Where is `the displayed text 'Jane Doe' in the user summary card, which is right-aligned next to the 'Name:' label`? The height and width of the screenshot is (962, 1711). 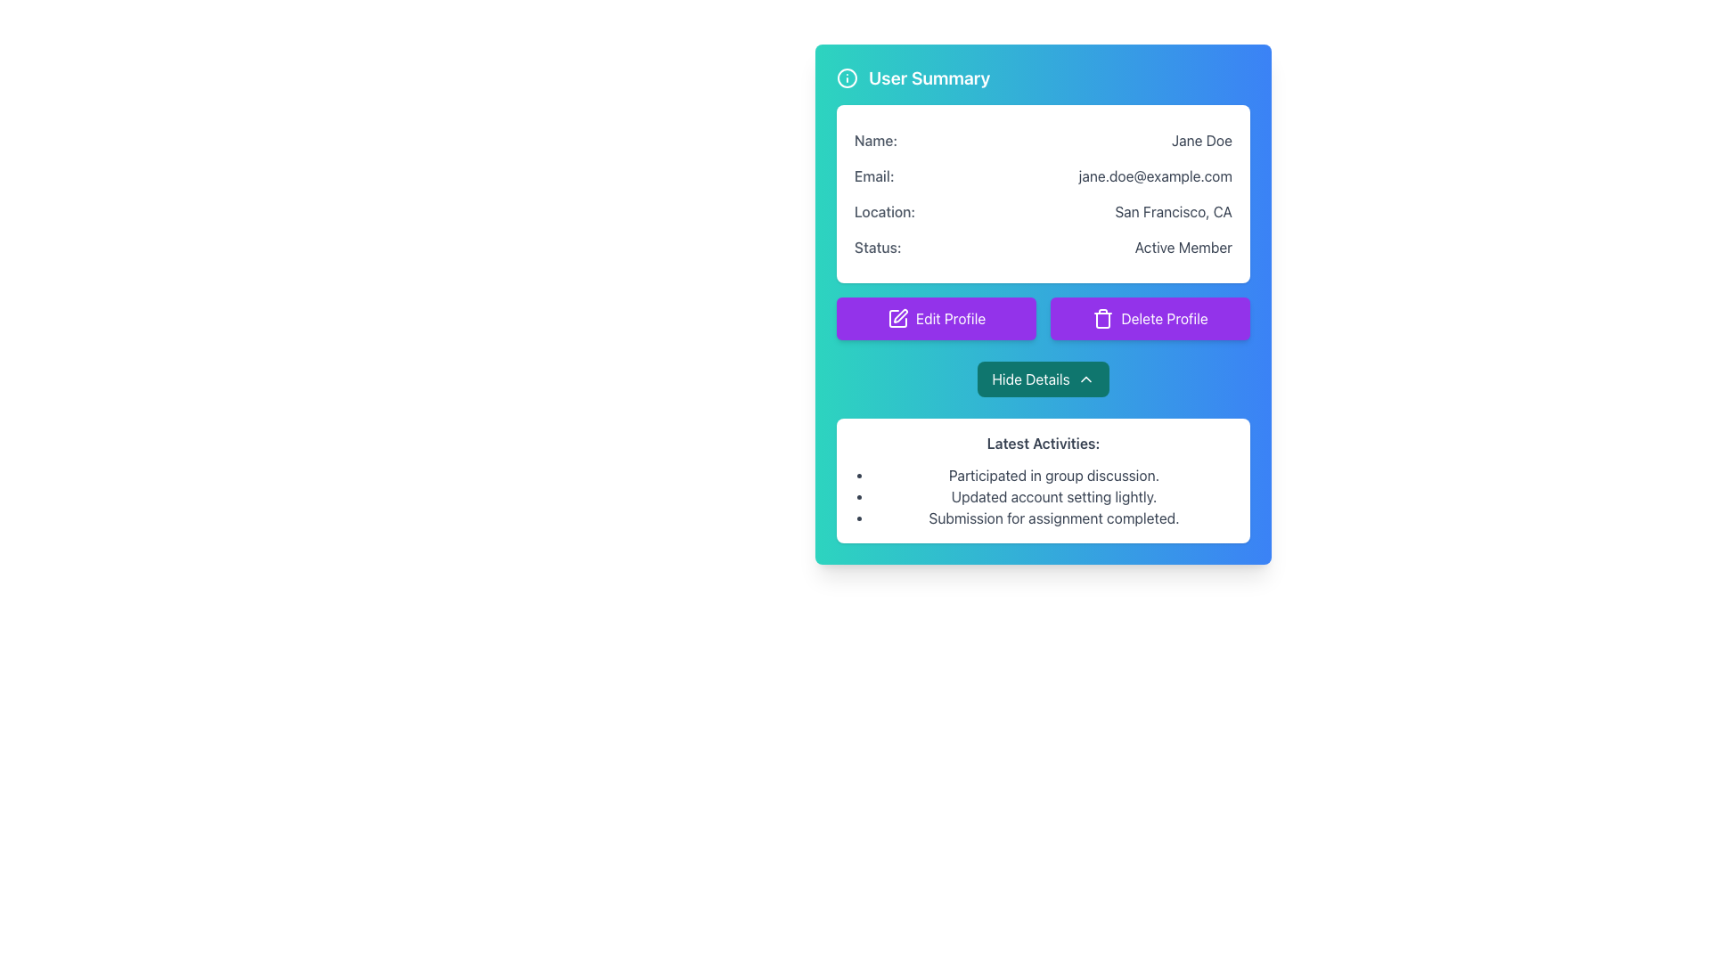 the displayed text 'Jane Doe' in the user summary card, which is right-aligned next to the 'Name:' label is located at coordinates (1201, 140).